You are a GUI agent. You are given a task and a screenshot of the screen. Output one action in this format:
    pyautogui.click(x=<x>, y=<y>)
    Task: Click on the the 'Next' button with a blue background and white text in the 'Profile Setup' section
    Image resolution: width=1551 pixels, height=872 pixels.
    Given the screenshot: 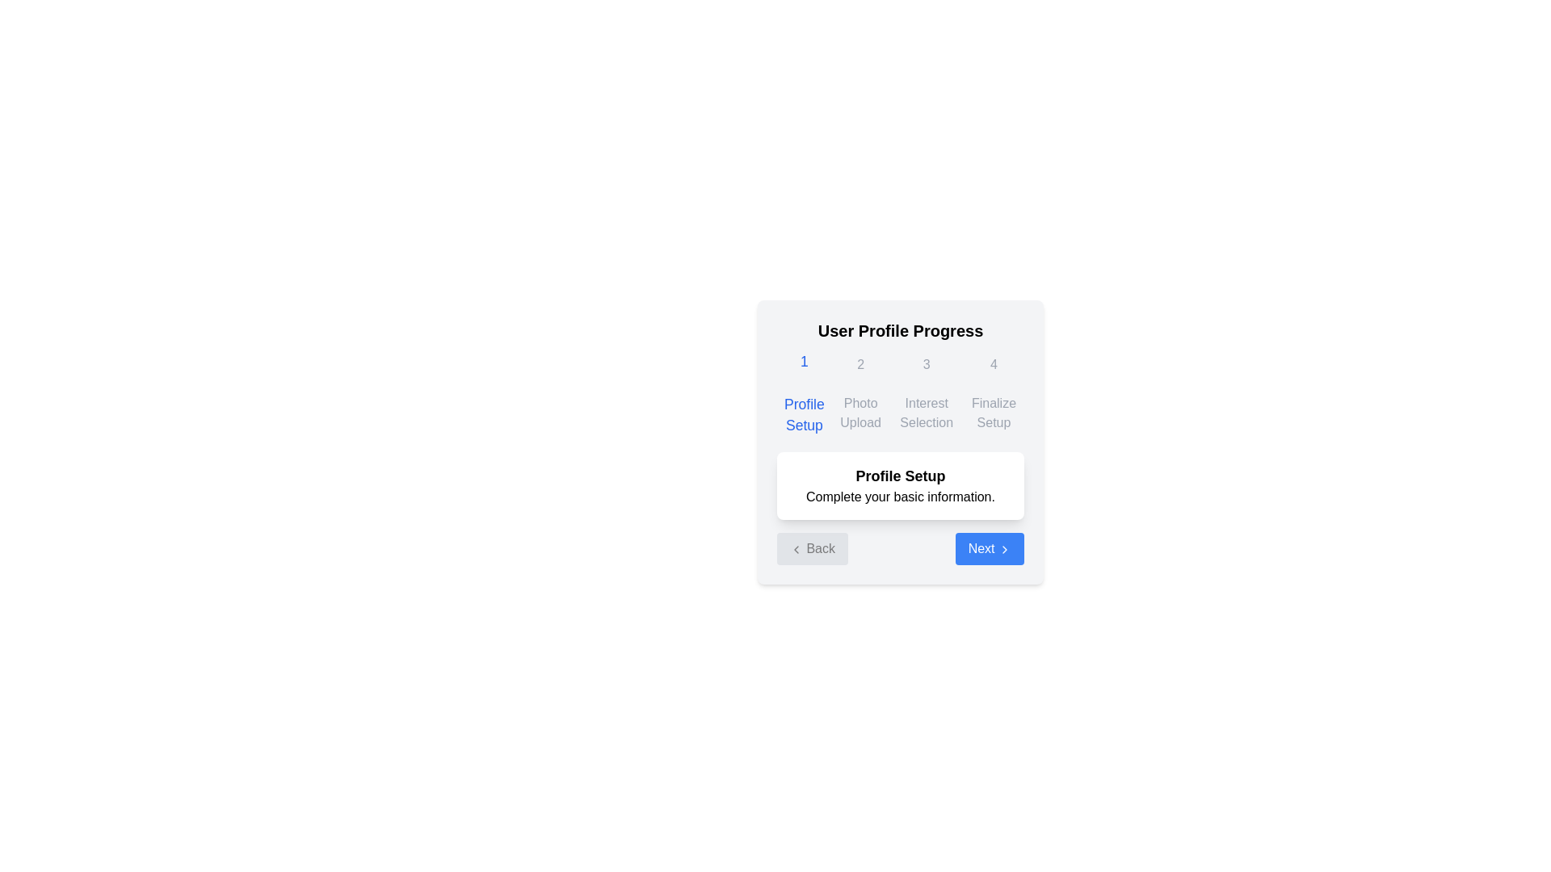 What is the action you would take?
    pyautogui.click(x=989, y=547)
    